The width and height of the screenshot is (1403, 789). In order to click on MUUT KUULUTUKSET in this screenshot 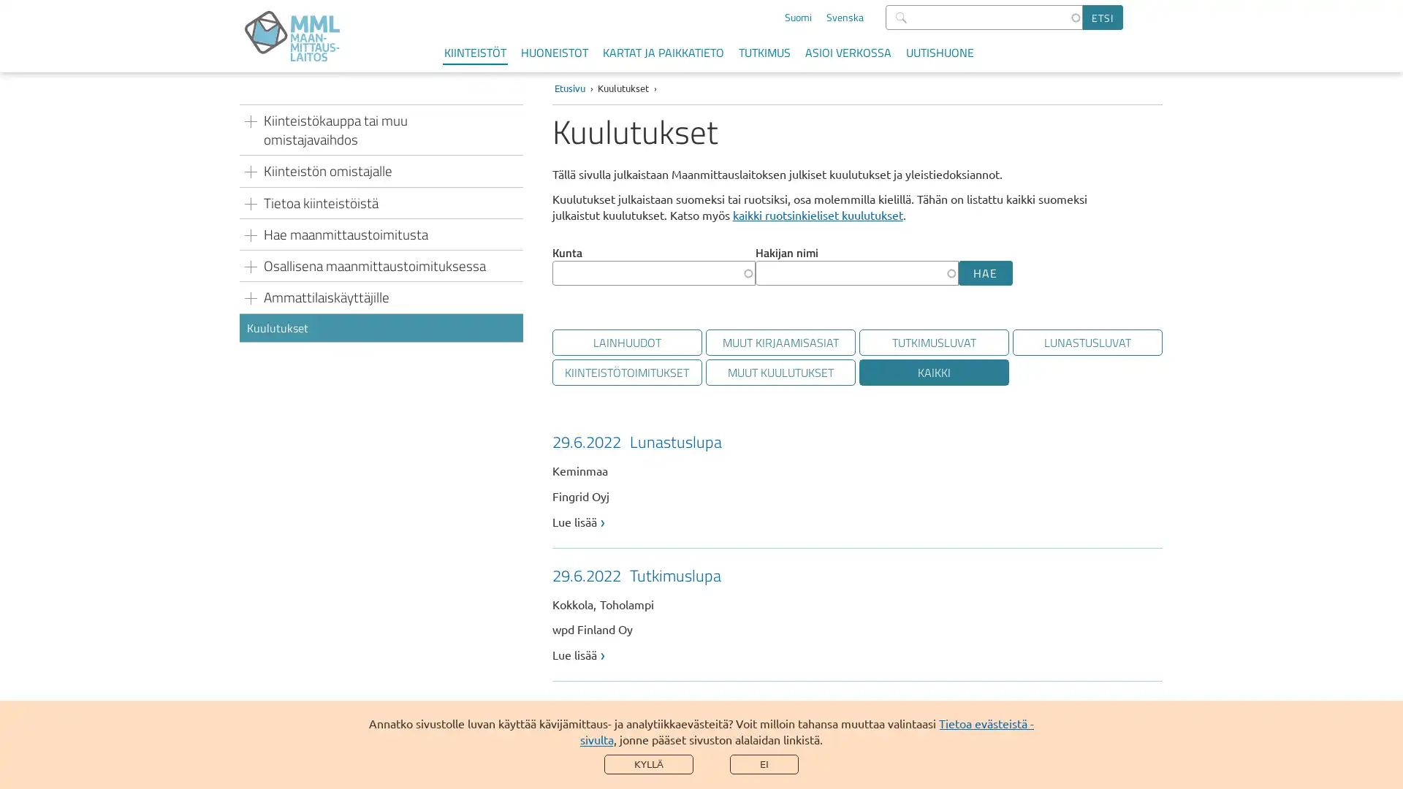, I will do `click(779, 371)`.